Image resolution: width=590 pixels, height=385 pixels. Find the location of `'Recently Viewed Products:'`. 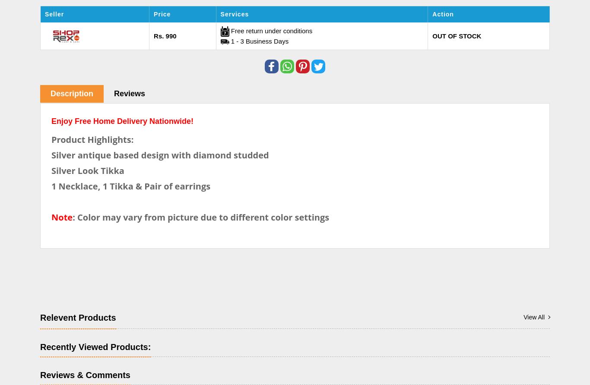

'Recently Viewed Products:' is located at coordinates (95, 346).